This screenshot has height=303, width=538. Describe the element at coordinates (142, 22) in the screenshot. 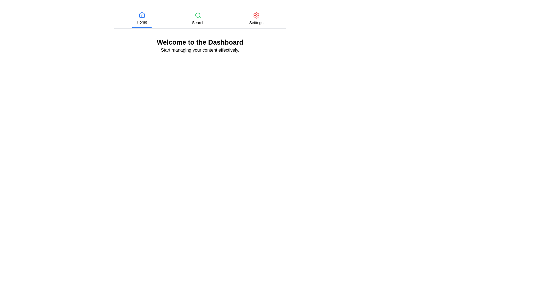

I see `the displayed text under the tab Home` at that location.